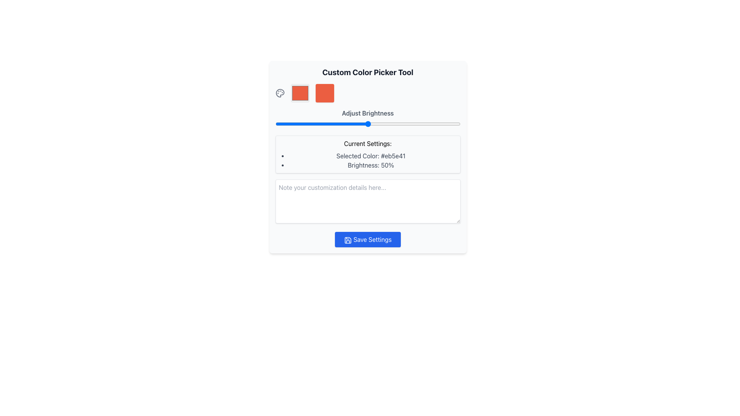  I want to click on the second color option in the color picker tool, so click(299, 93).